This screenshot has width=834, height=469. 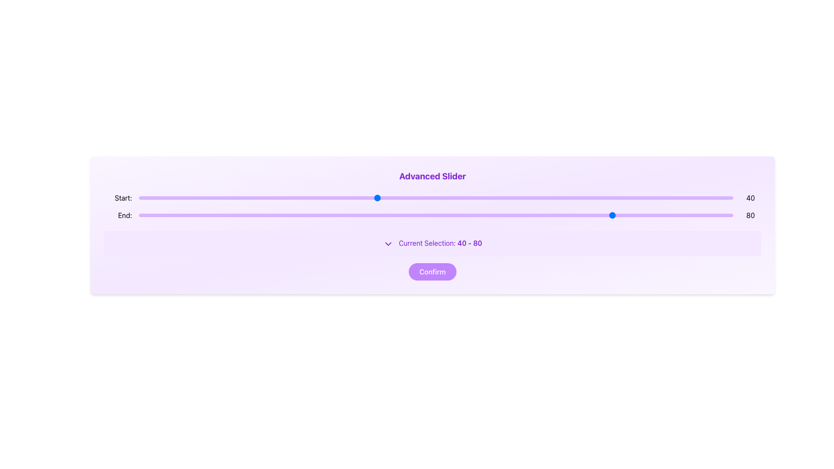 I want to click on the slider value, so click(x=703, y=215).